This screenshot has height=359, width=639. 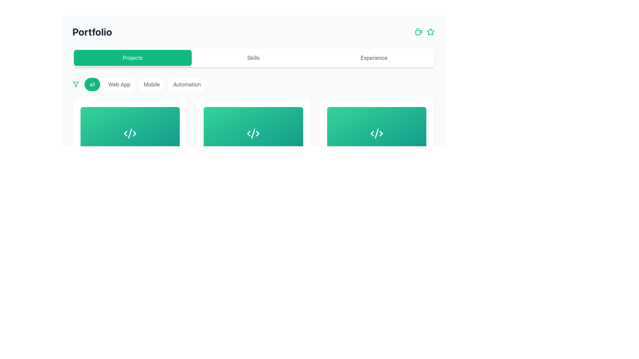 I want to click on the navigation button for 'Projects' located at the far left of the horizontal navigation bar, so click(x=132, y=57).